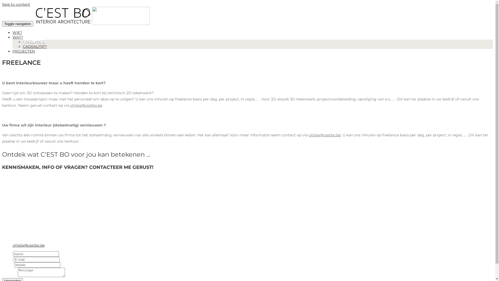  What do you see at coordinates (16, 4) in the screenshot?
I see `'Skip to content'` at bounding box center [16, 4].